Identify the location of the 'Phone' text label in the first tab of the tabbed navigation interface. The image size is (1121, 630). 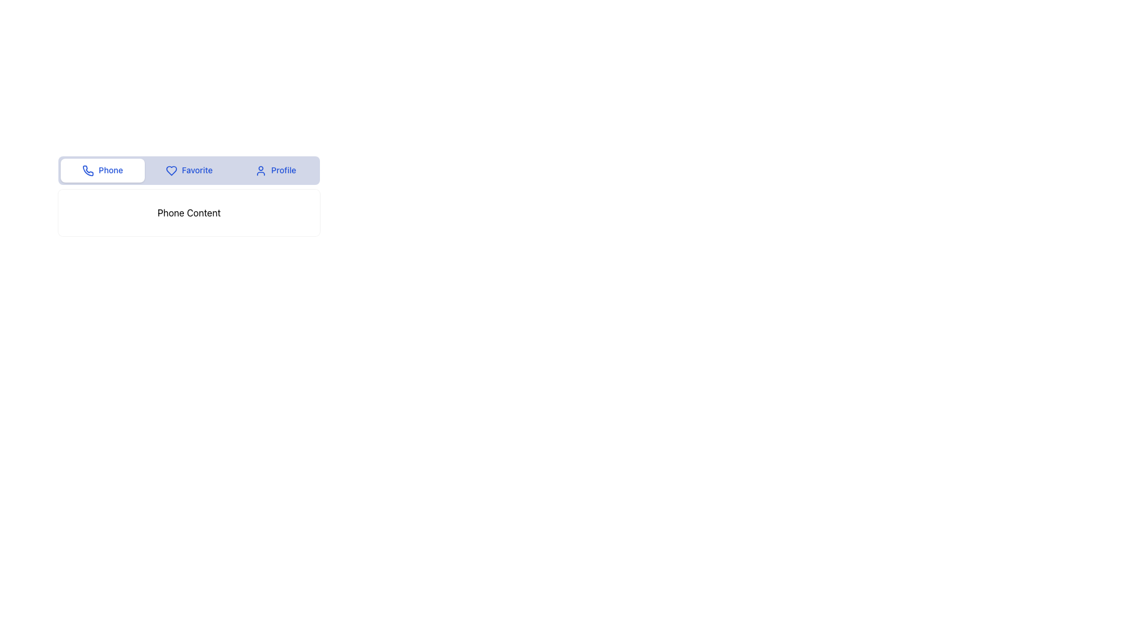
(109, 170).